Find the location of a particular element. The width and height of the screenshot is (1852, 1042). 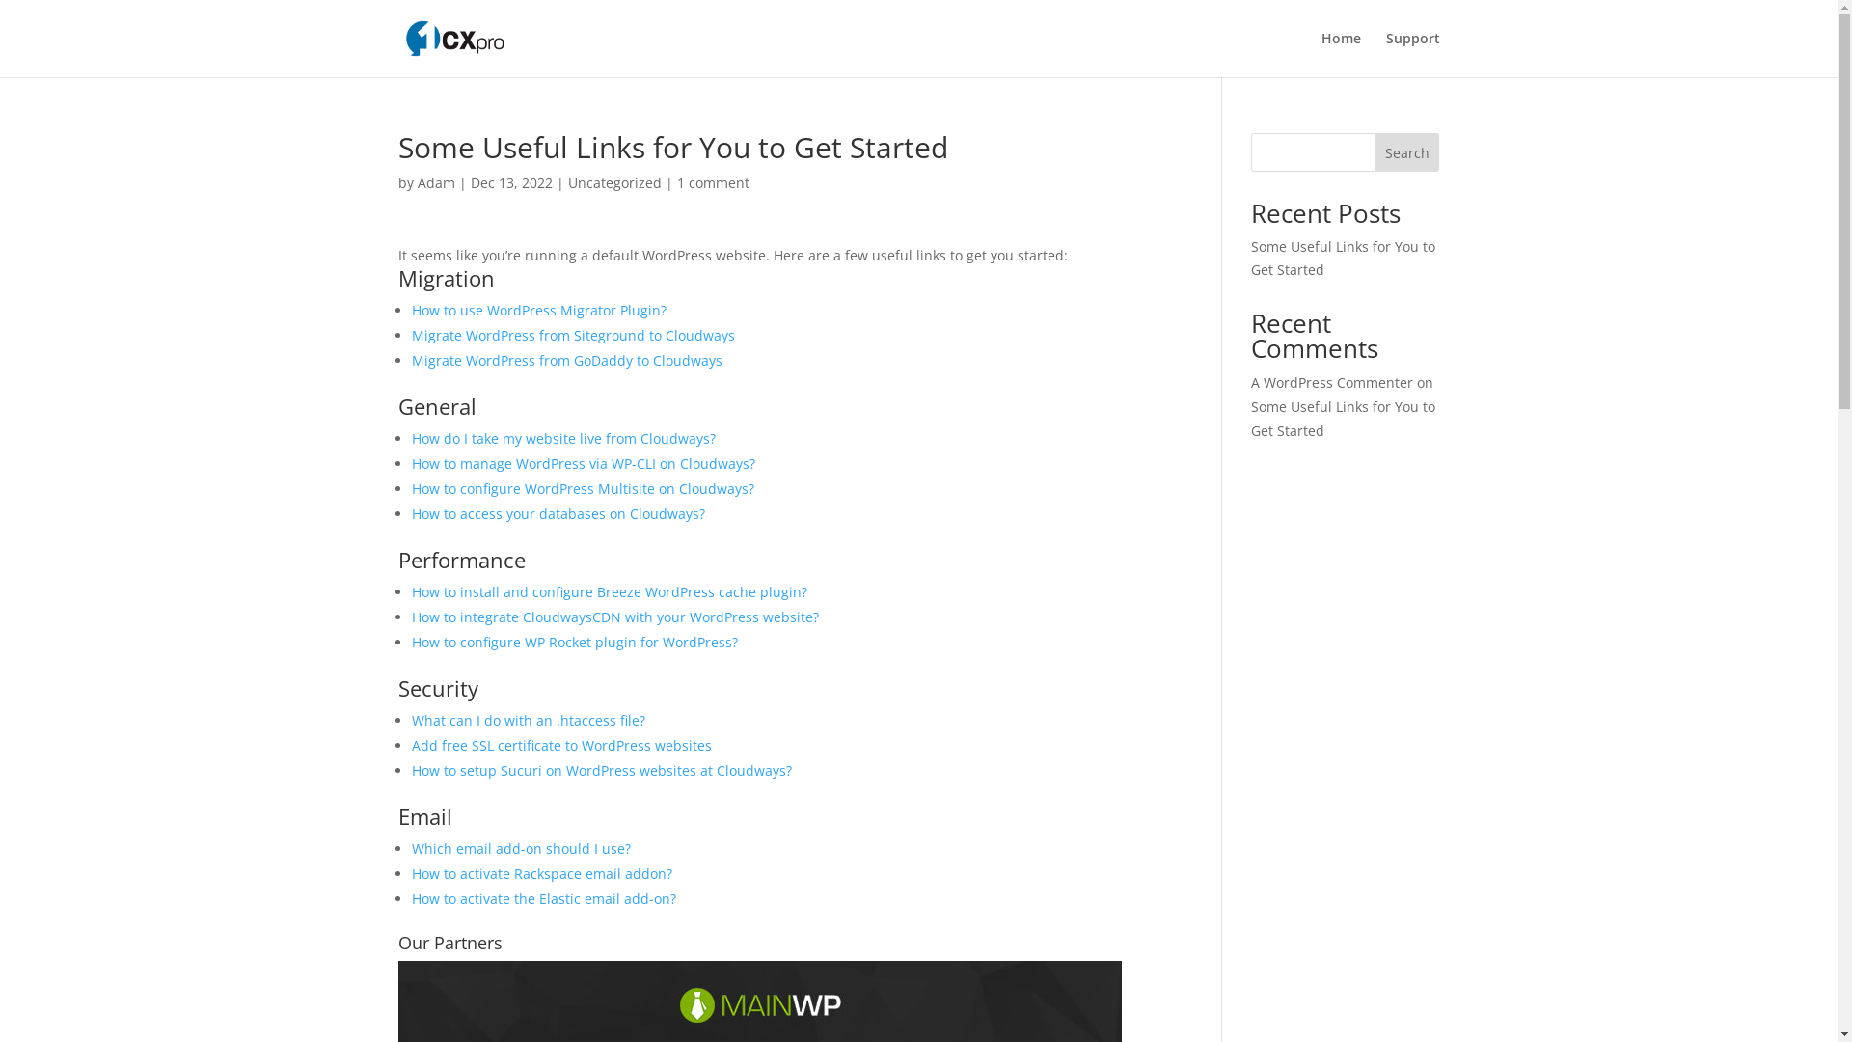

'How to access your databases on Cloudways?' is located at coordinates (556, 512).